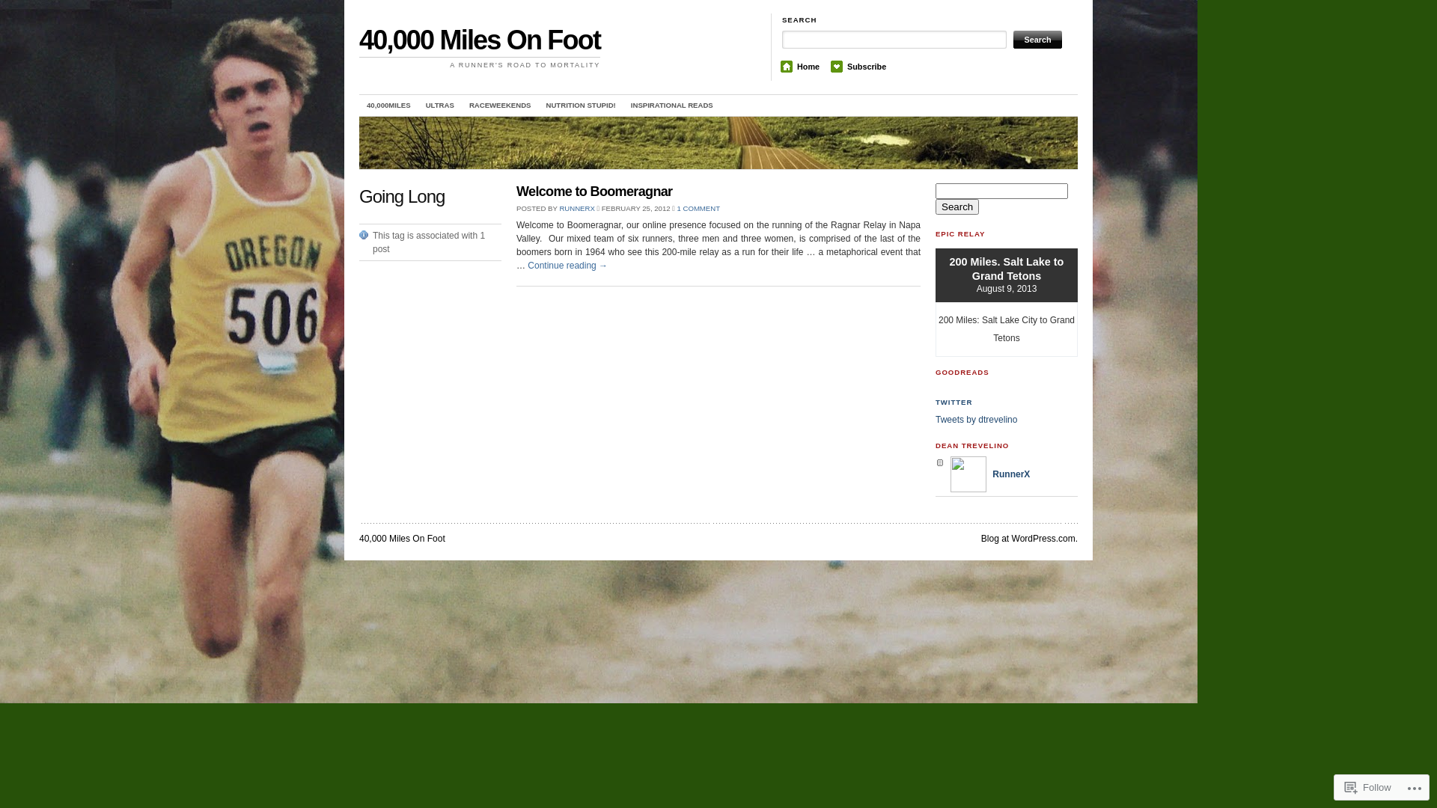 This screenshot has height=808, width=1437. What do you see at coordinates (953, 401) in the screenshot?
I see `'TWITTER'` at bounding box center [953, 401].